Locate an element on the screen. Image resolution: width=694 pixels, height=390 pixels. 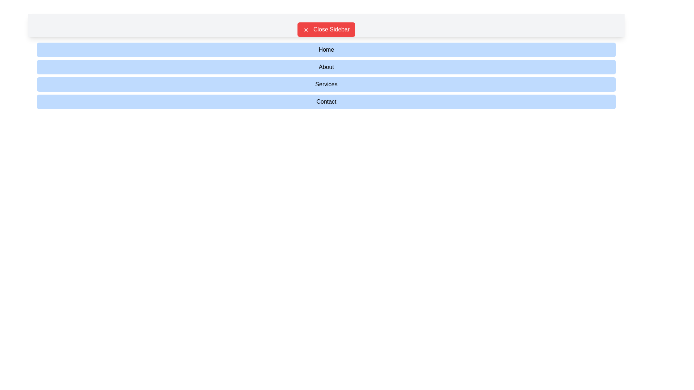
the central Text label in the navigation bar that serves as a title or label, providing visual context and branding for the section is located at coordinates (312, 25).